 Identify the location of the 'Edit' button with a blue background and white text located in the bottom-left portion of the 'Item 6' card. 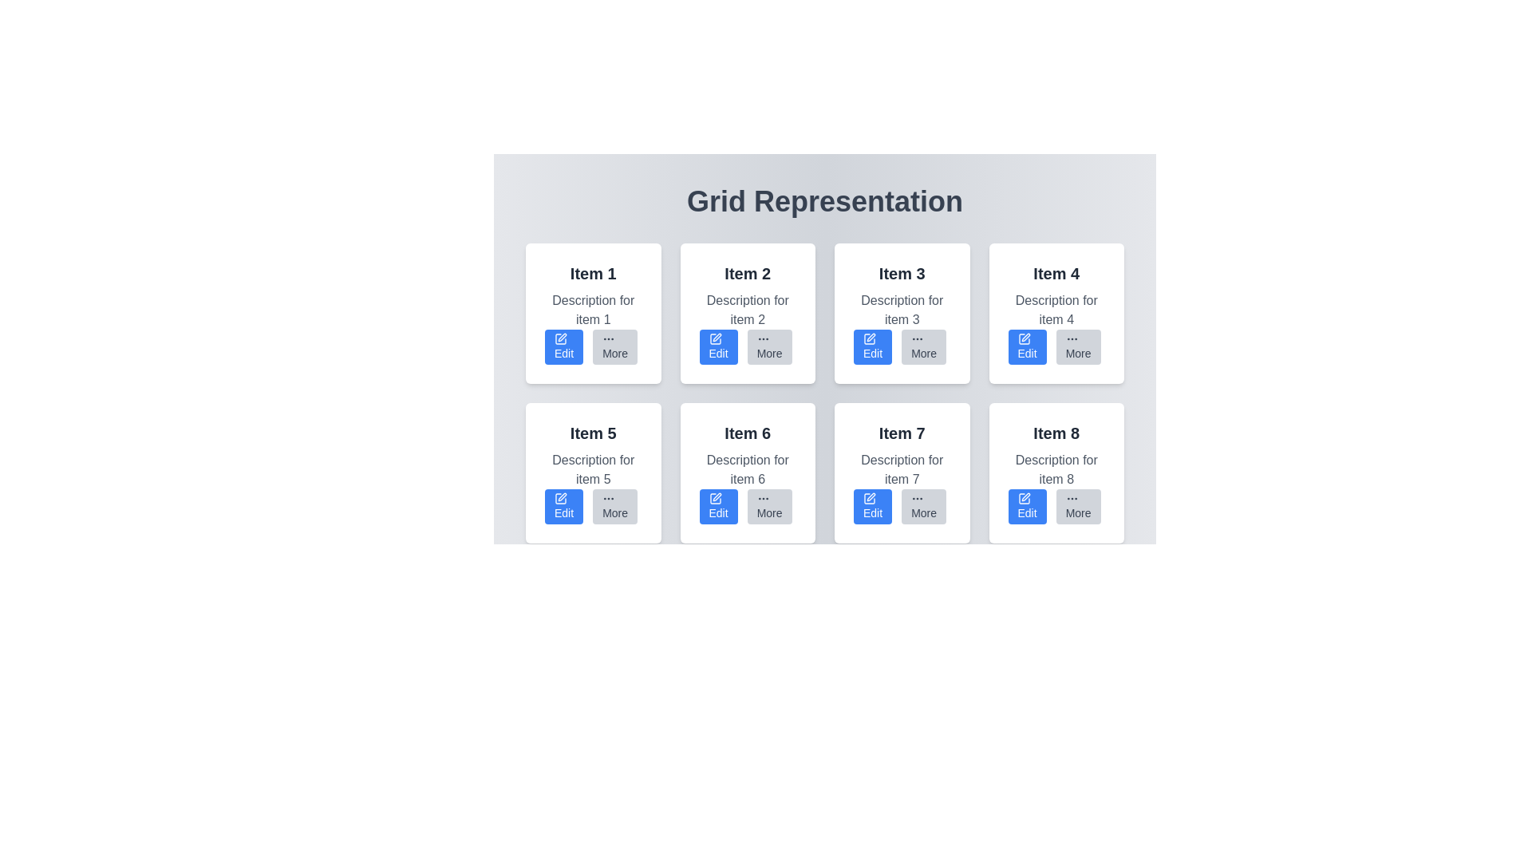
(717, 507).